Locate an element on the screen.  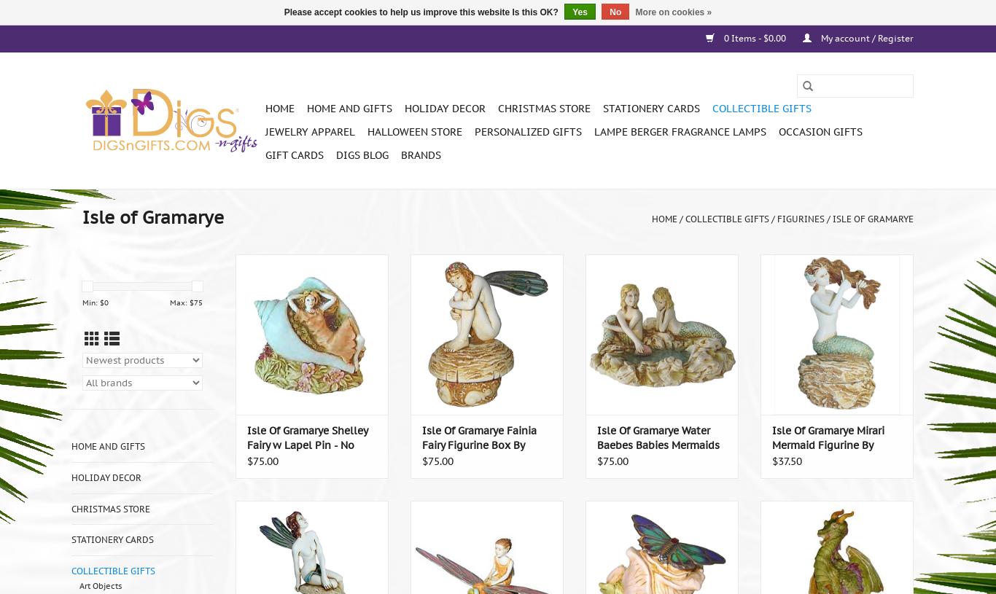
'More on cookies »' is located at coordinates (634, 12).